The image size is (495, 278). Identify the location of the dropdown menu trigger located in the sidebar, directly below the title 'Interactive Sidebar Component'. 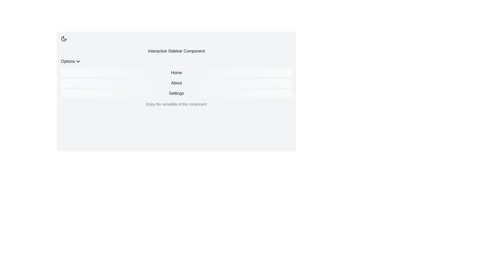
(71, 61).